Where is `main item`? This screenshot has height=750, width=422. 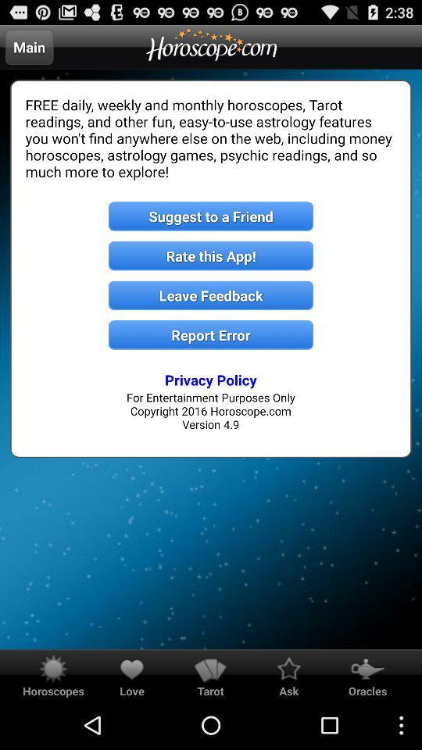
main item is located at coordinates (29, 46).